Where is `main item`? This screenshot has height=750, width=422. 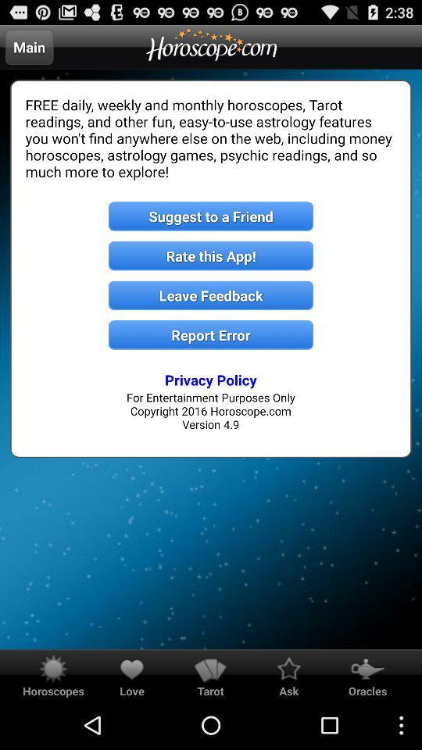
main item is located at coordinates (29, 46).